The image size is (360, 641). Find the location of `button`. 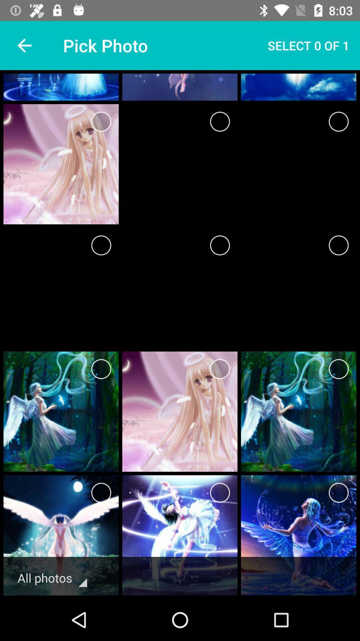

button is located at coordinates (339, 493).